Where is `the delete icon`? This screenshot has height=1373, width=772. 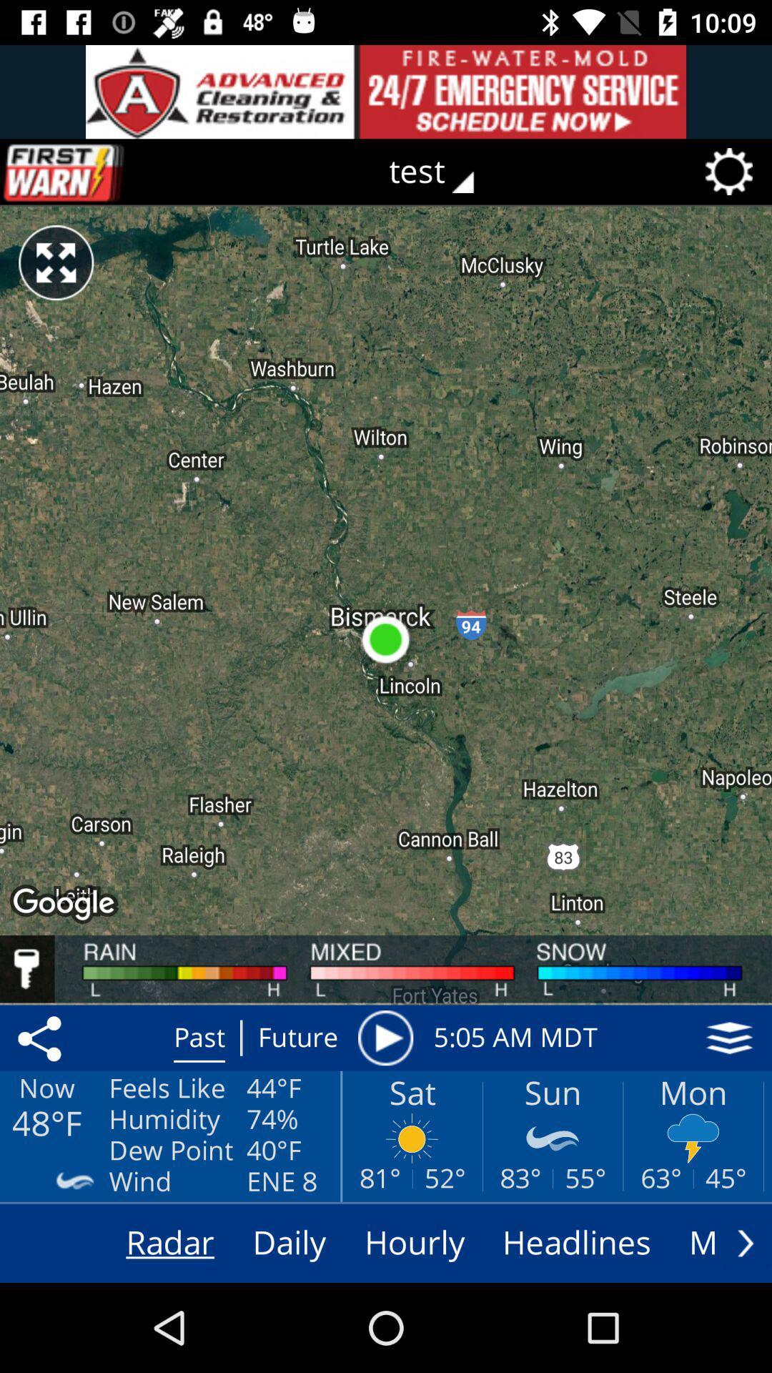
the delete icon is located at coordinates (94, 172).